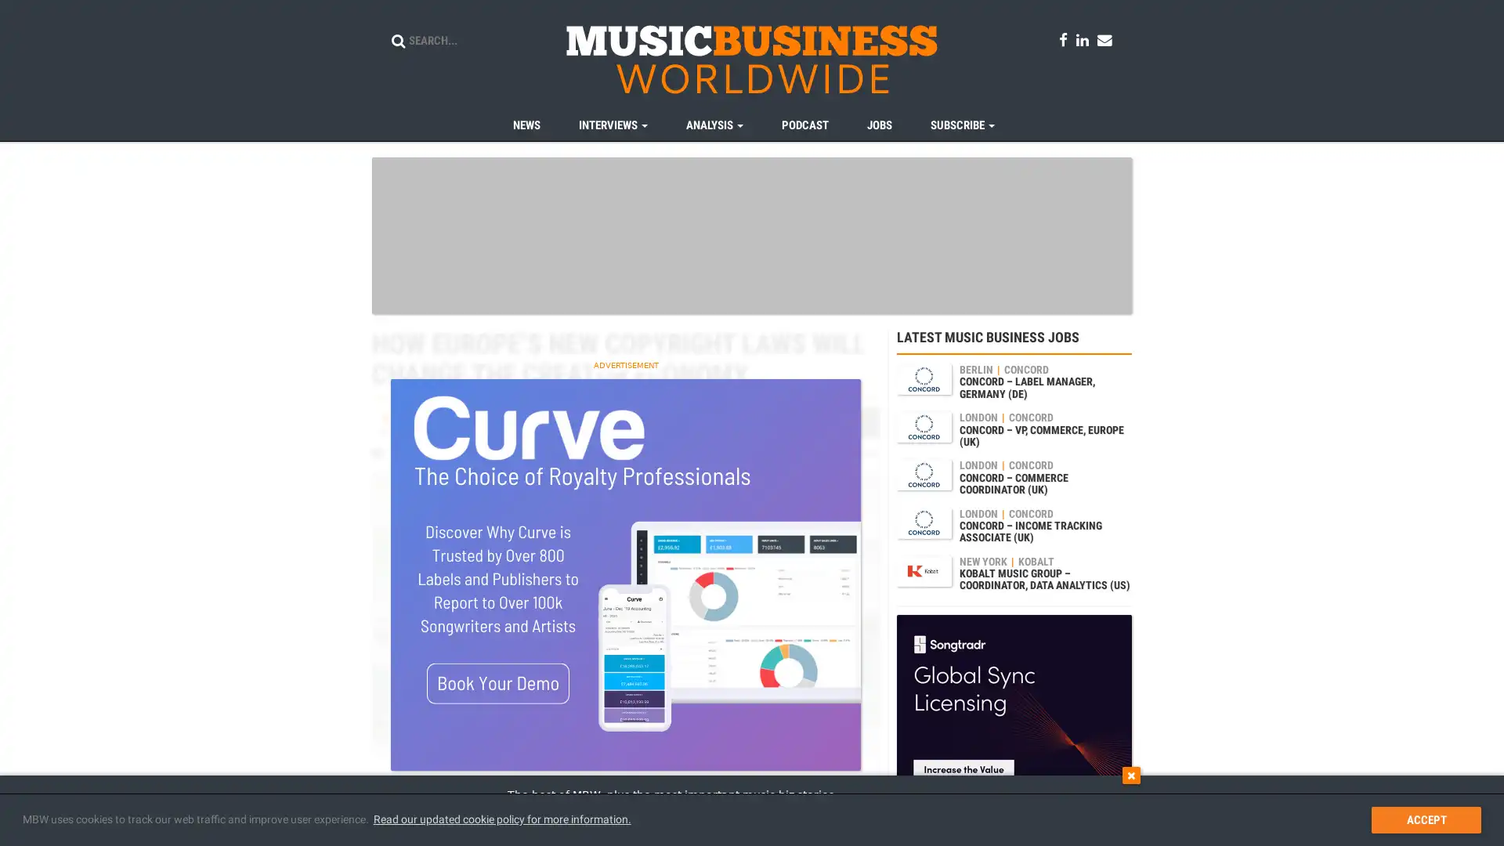 The height and width of the screenshot is (846, 1504). I want to click on SIGN UP TO THE MBW NEWSLETTER, so click(957, 810).